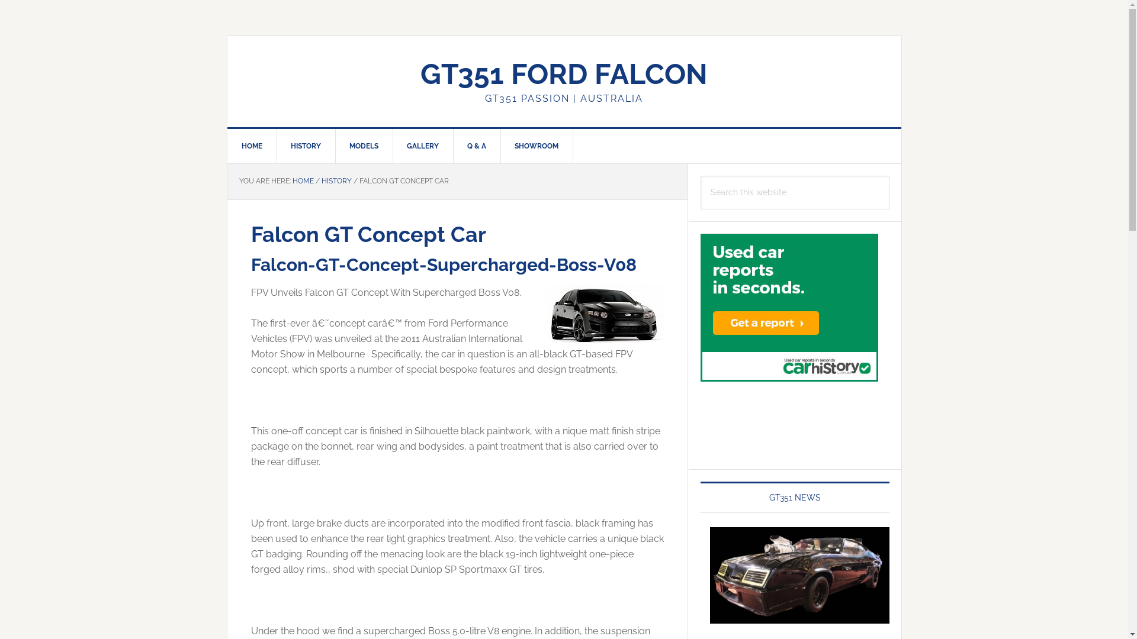  What do you see at coordinates (420, 73) in the screenshot?
I see `'GT351 FORD FALCON'` at bounding box center [420, 73].